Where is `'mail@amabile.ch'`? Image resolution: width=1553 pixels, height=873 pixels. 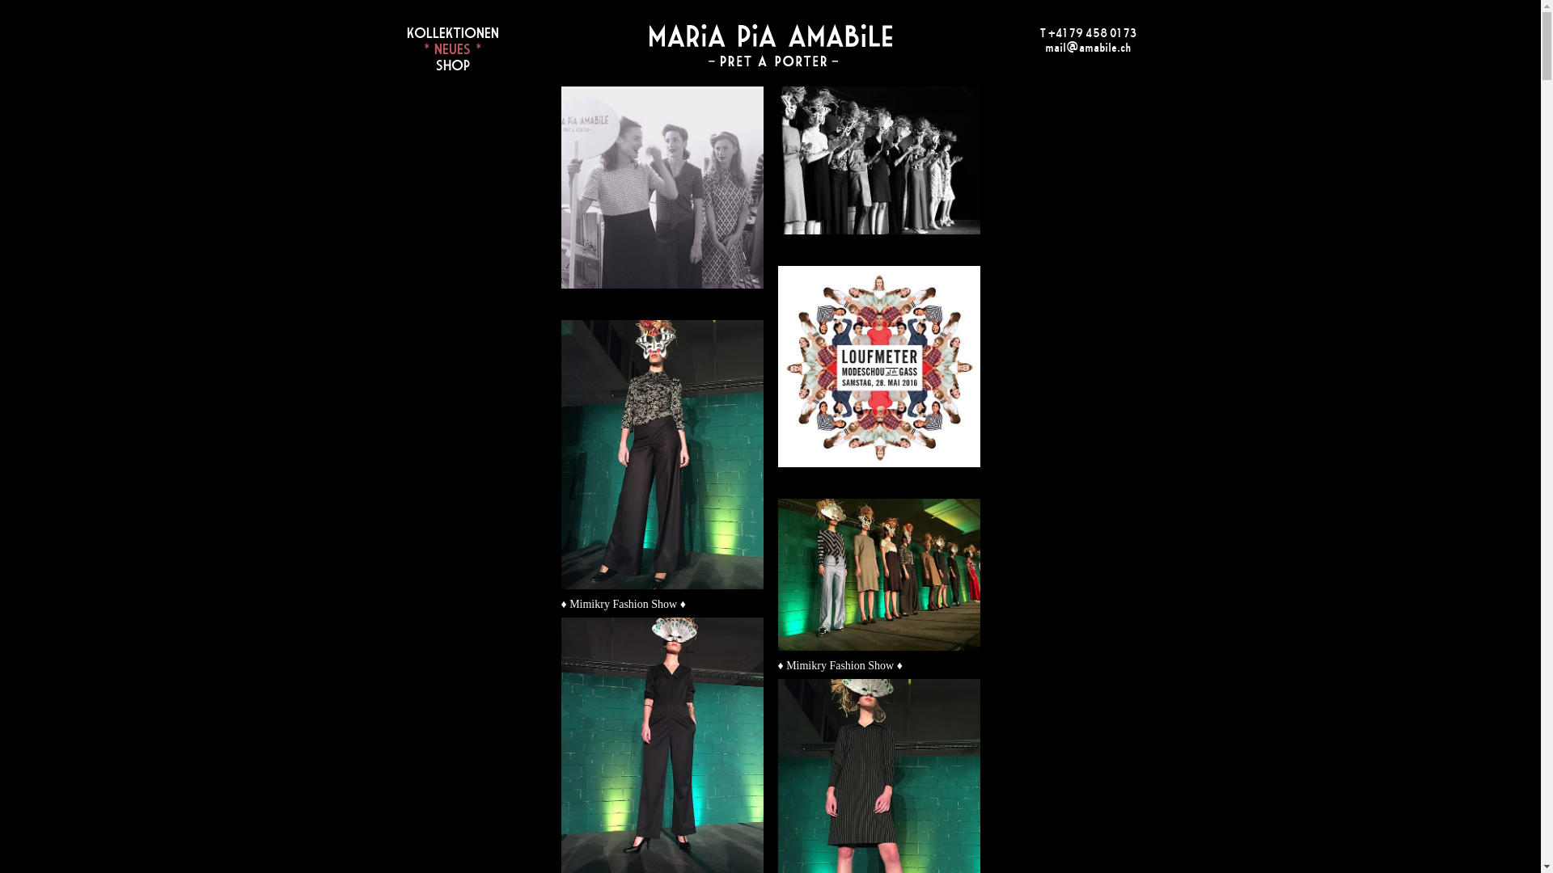 'mail@amabile.ch' is located at coordinates (1044, 45).